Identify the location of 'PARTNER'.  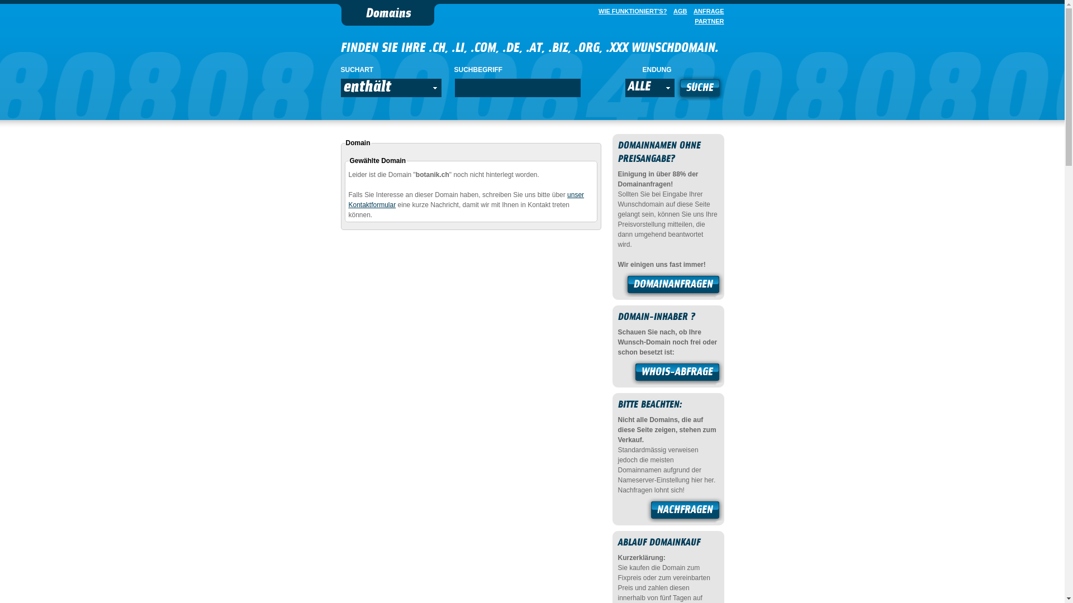
(706, 21).